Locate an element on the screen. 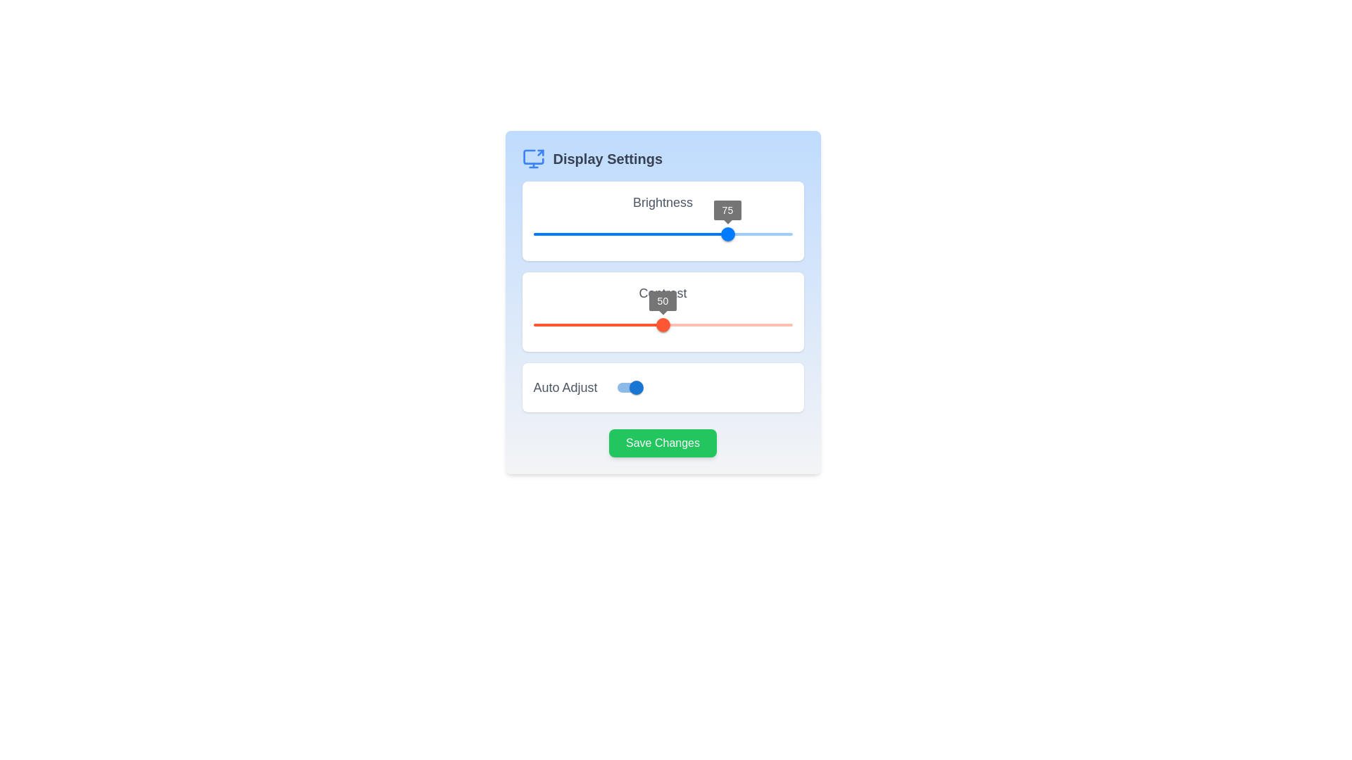  the slider knob associated with the 'Contrast' slider control is located at coordinates (662, 300).